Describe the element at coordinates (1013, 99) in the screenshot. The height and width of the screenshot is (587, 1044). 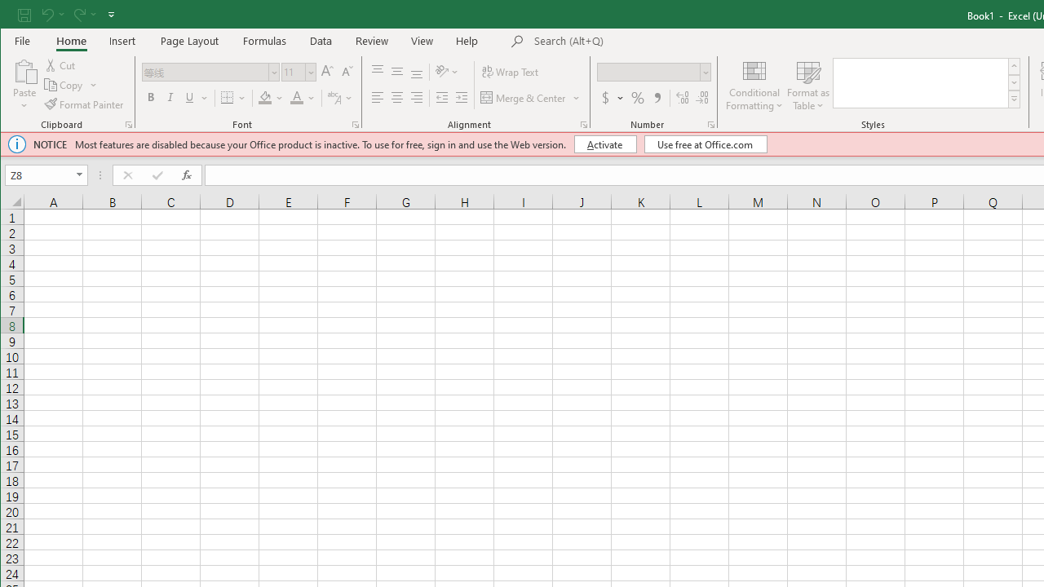
I see `'Cell Styles'` at that location.